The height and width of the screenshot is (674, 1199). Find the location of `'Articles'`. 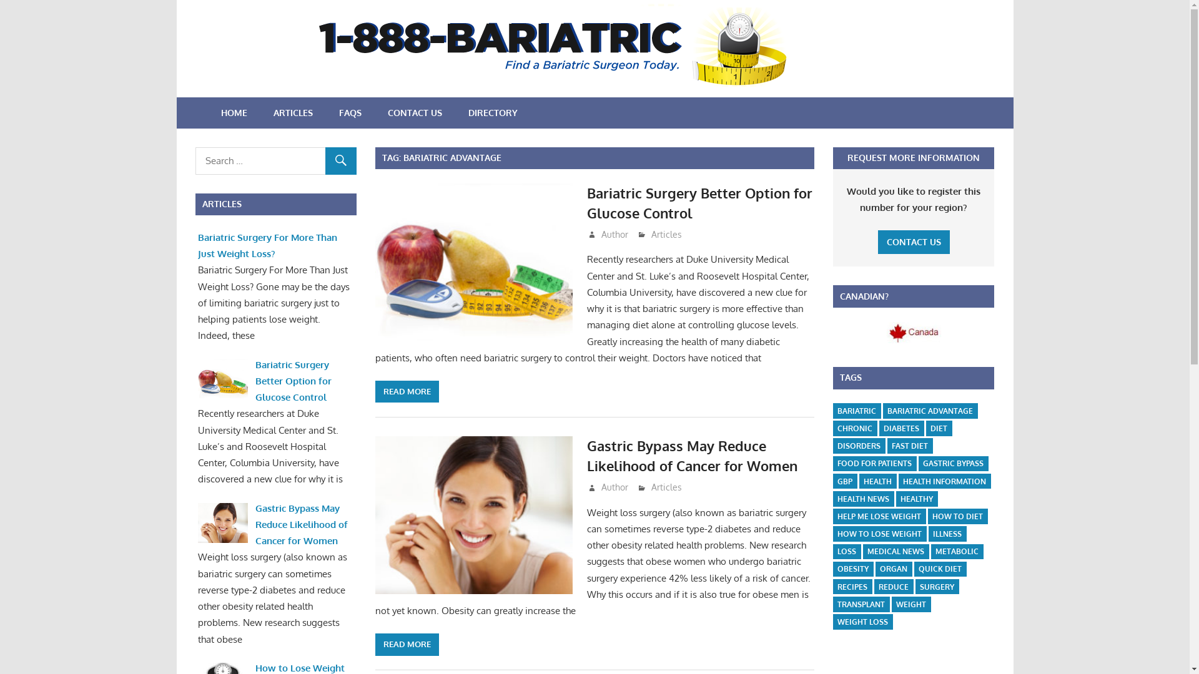

'Articles' is located at coordinates (666, 486).